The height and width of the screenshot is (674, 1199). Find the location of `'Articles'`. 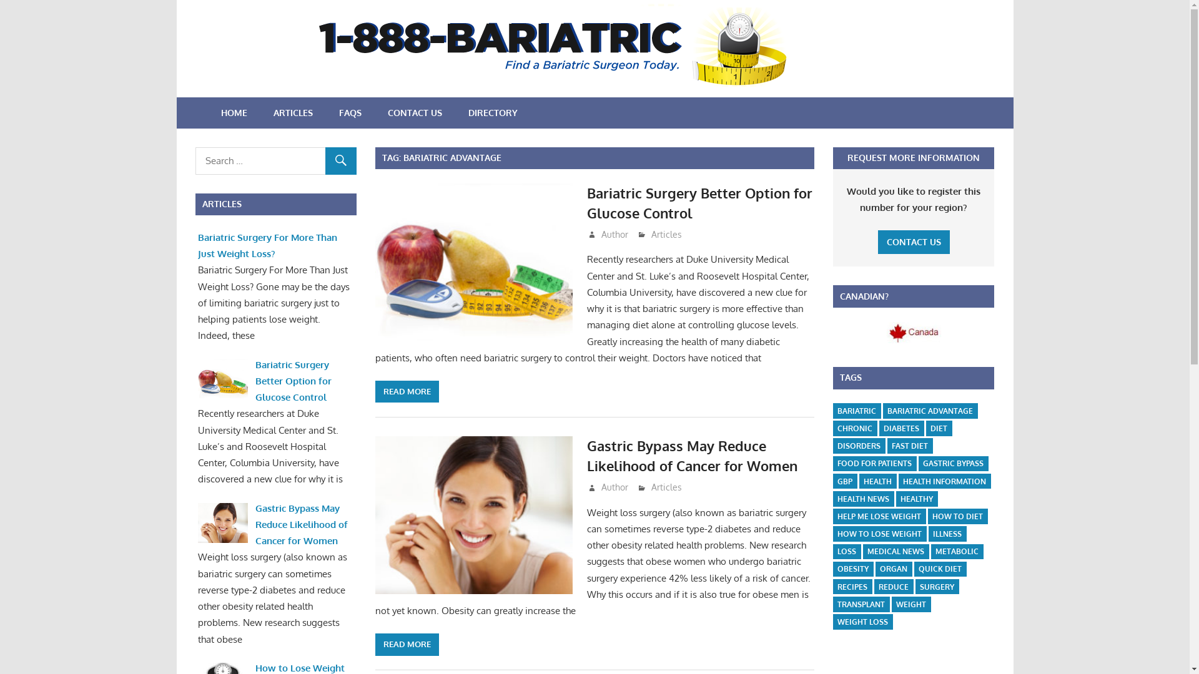

'Articles' is located at coordinates (666, 486).